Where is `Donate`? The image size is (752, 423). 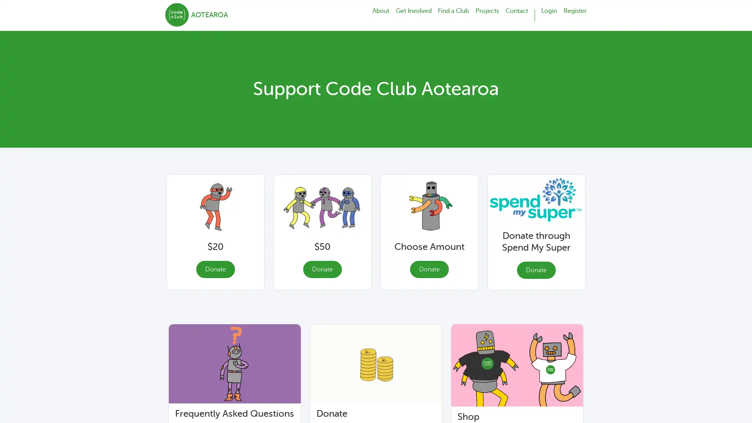
Donate is located at coordinates (536, 269).